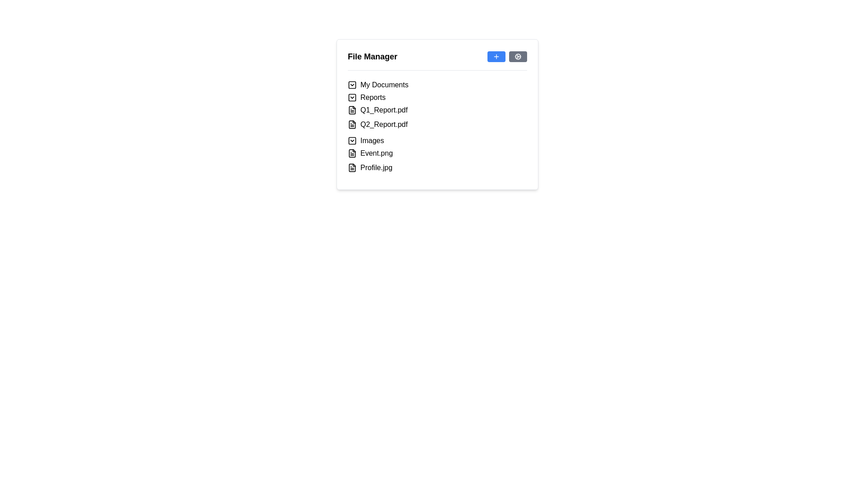  Describe the element at coordinates (384, 125) in the screenshot. I see `the text label displaying 'Q2_Report.pdf', which is styled in medium font weight and positioned under the 'Reports' folder in the file manager interface` at that location.